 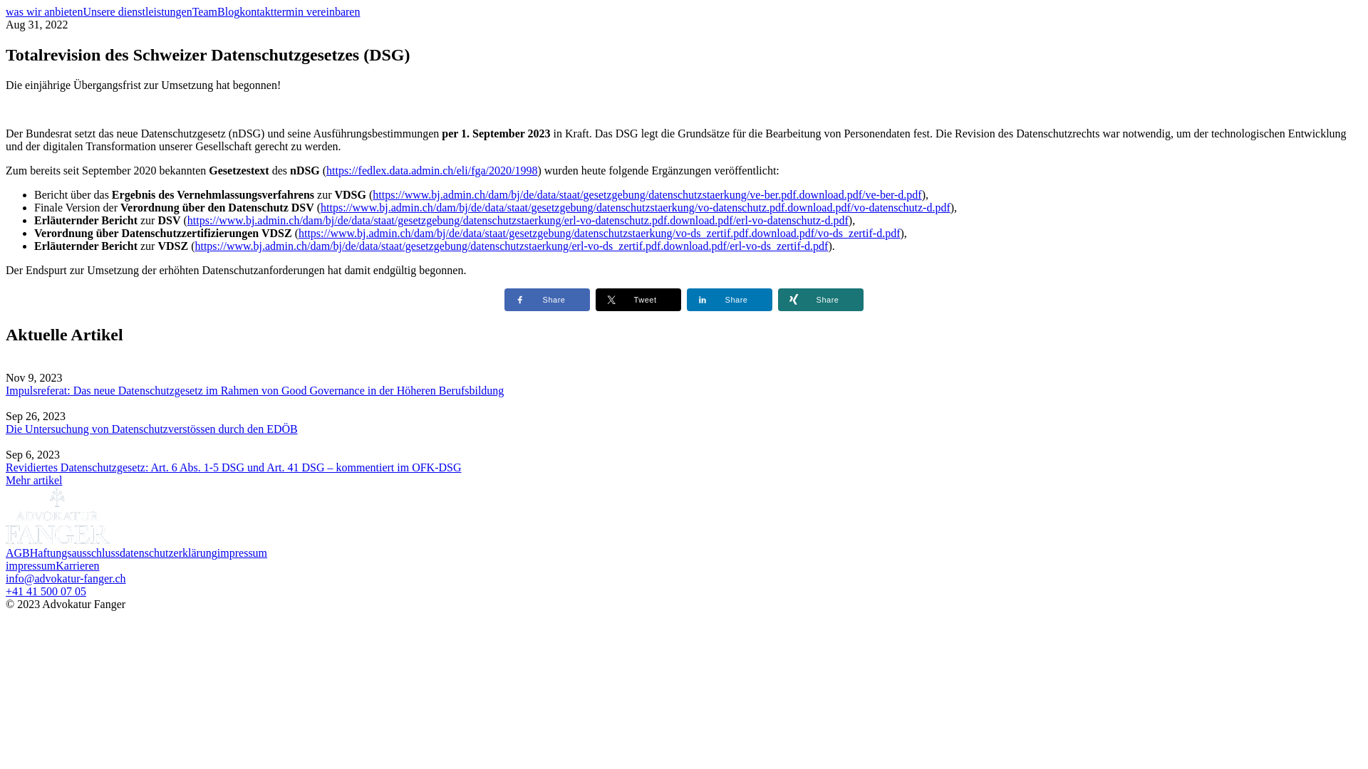 I want to click on 'Team', so click(x=191, y=11).